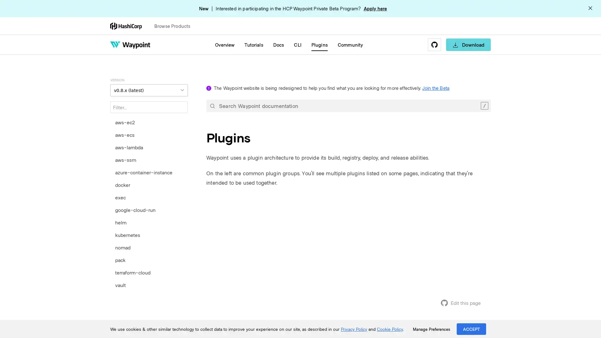 The width and height of the screenshot is (601, 338). I want to click on Submit your search query., so click(212, 105).